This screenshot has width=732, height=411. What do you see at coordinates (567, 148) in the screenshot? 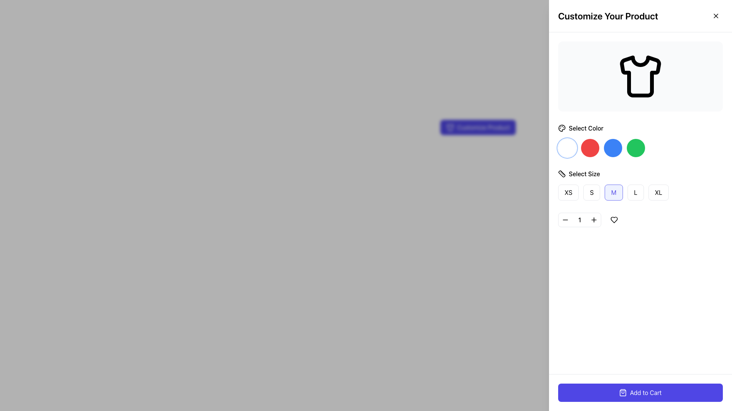
I see `the first circular button to the left of the red, blue, and green buttons beneath the title 'Select Color'` at bounding box center [567, 148].